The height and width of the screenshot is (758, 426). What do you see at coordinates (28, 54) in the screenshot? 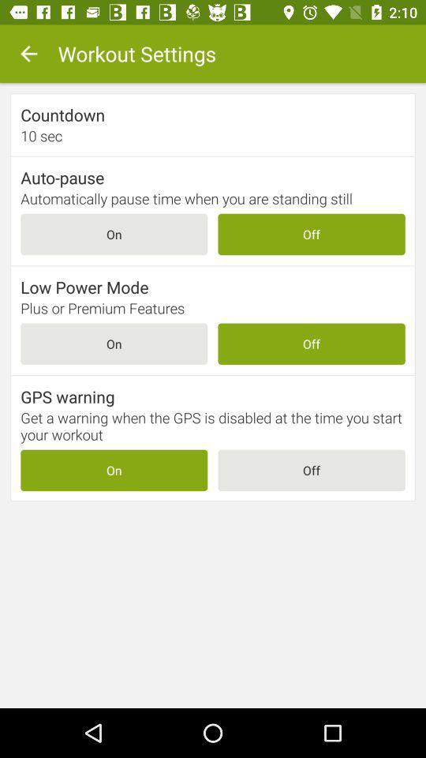
I see `the item above the countdown item` at bounding box center [28, 54].